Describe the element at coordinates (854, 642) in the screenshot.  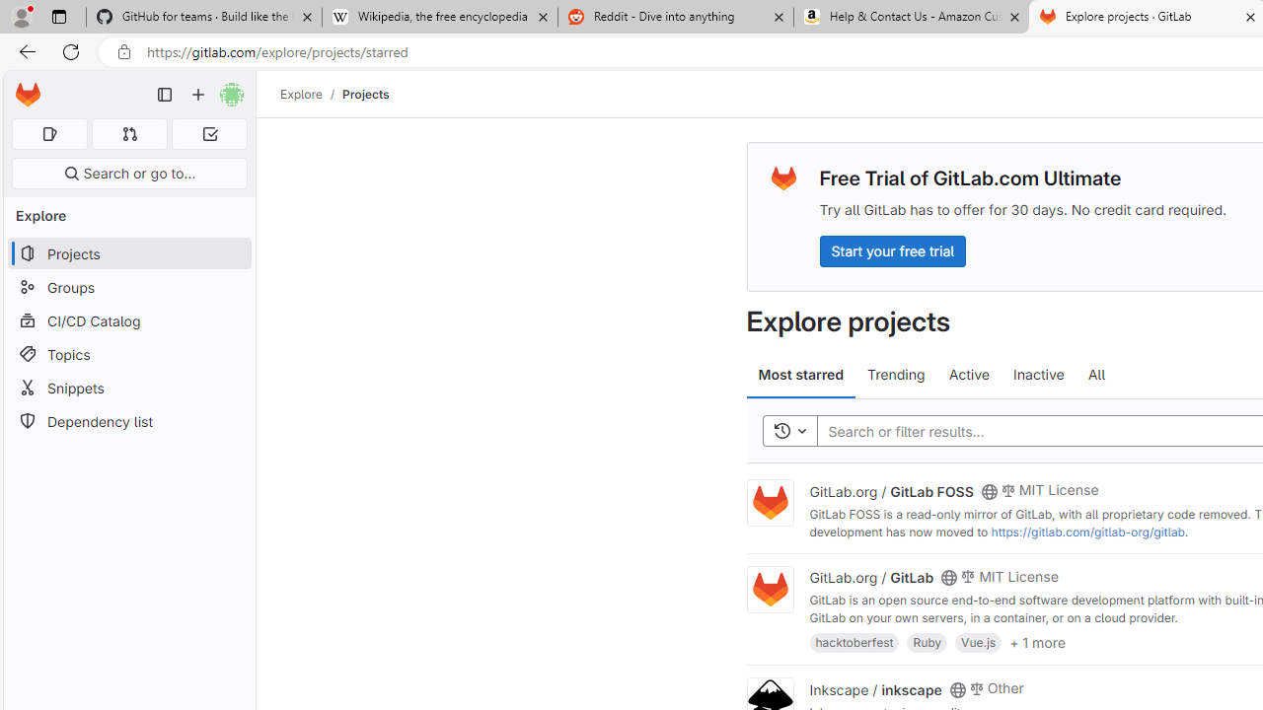
I see `'hacktoberfest'` at that location.